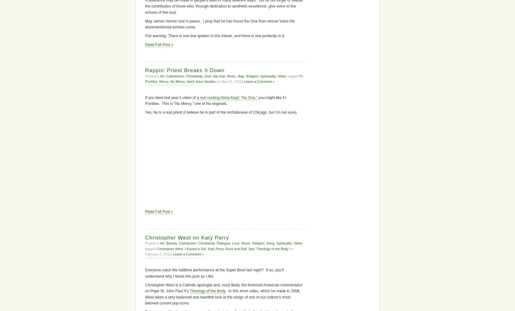  Describe the element at coordinates (215, 248) in the screenshot. I see `'Katy Perry'` at that location.